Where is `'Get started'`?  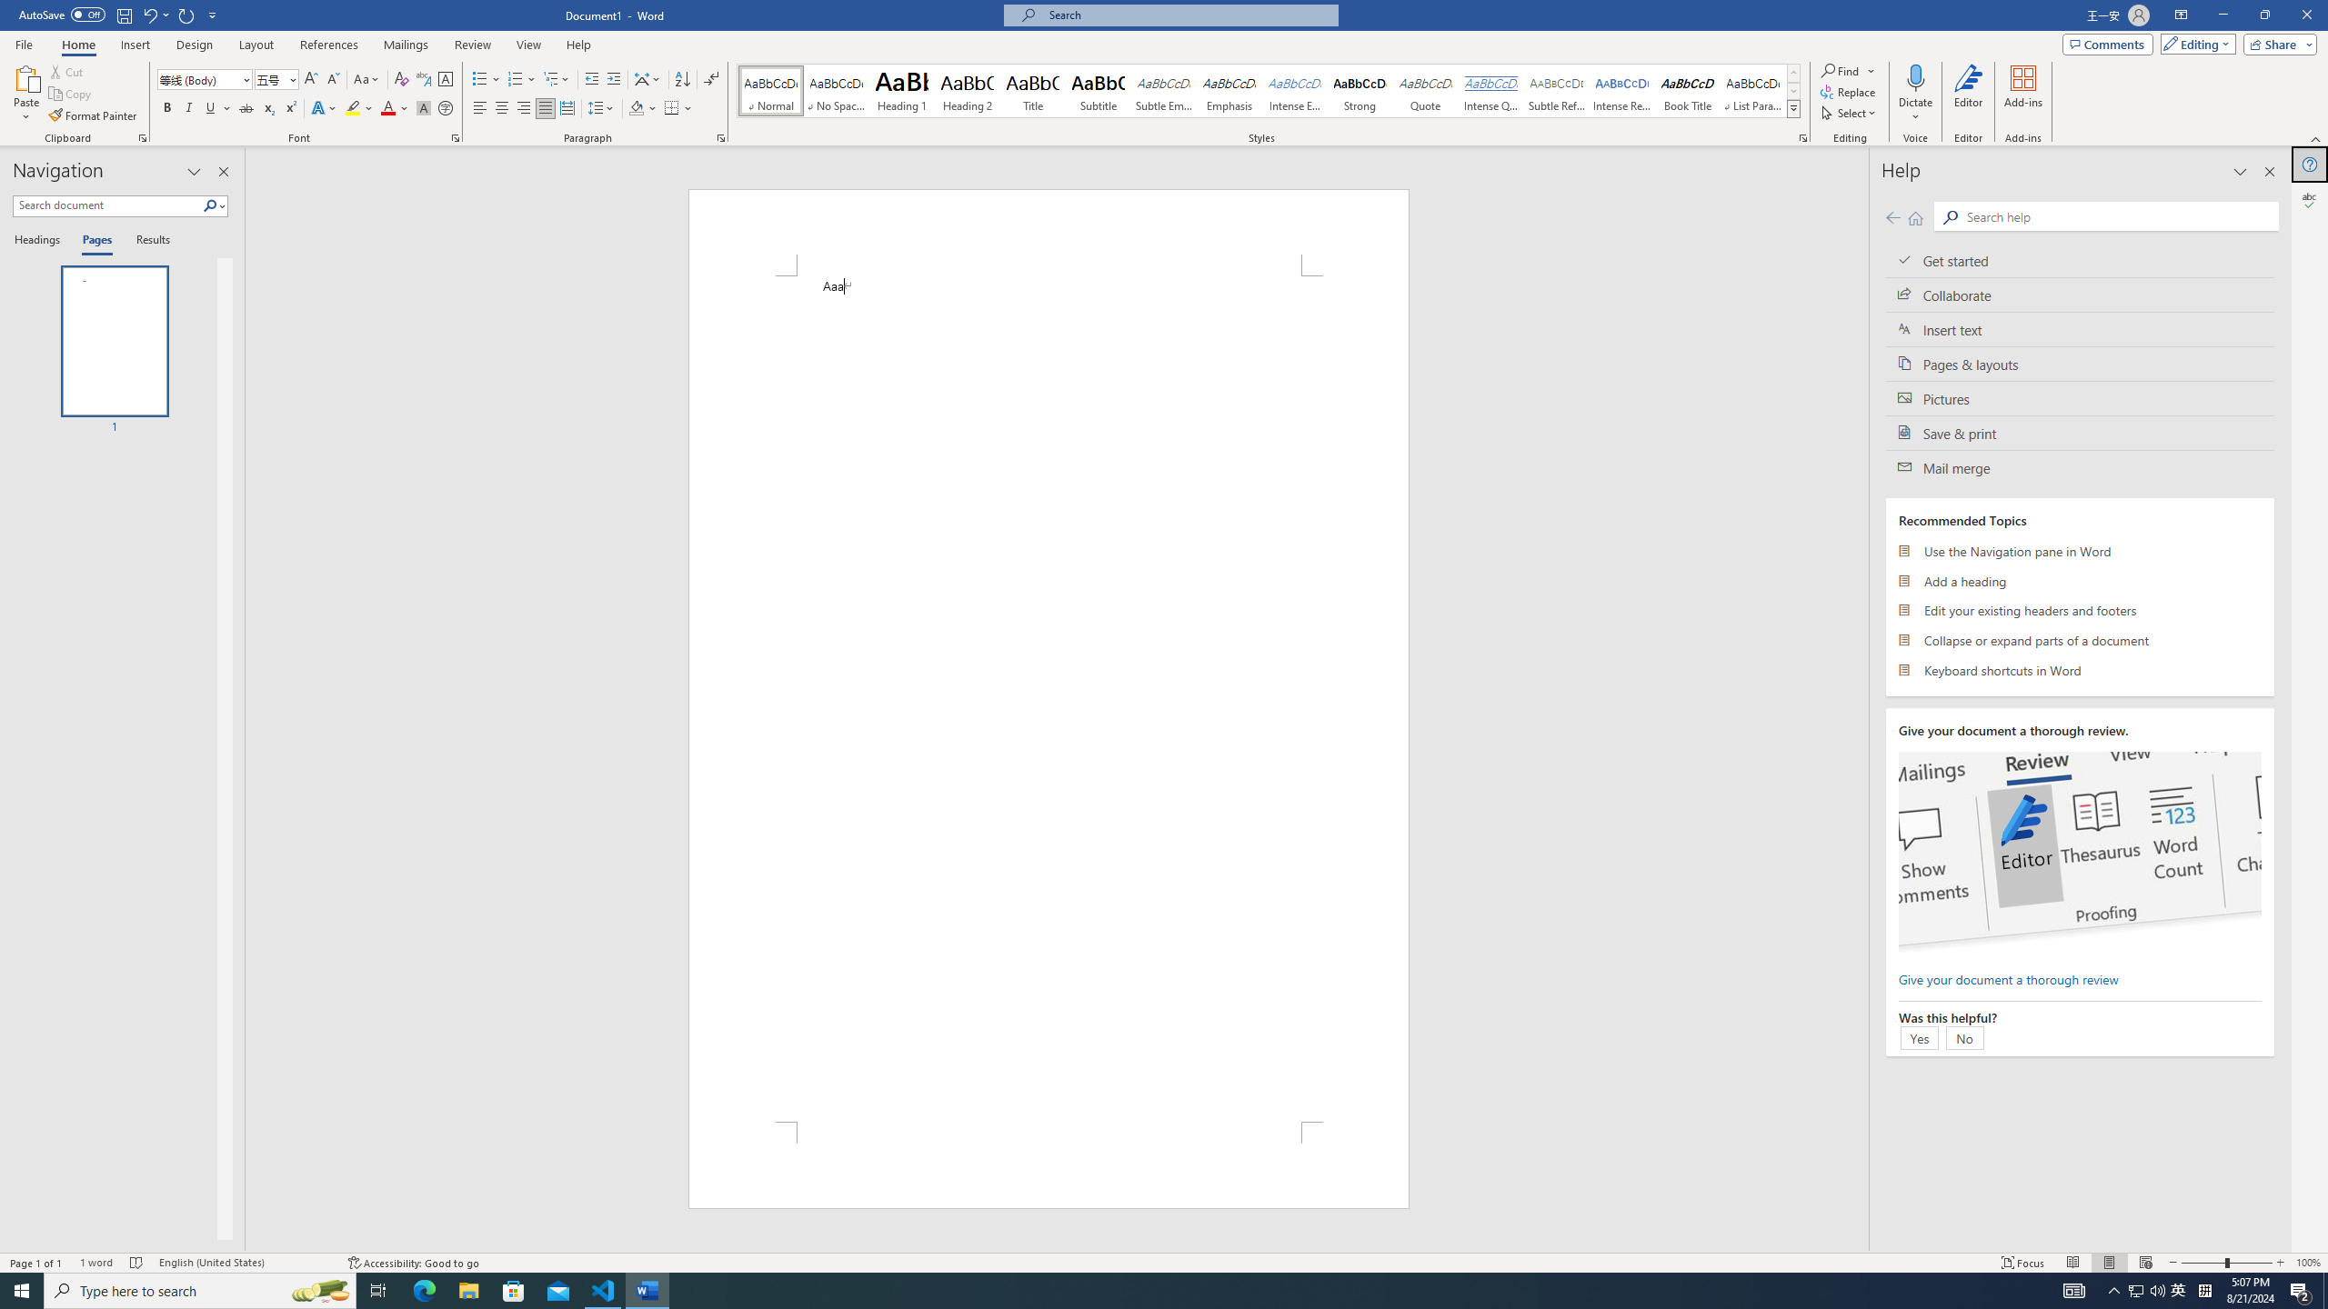
'Get started' is located at coordinates (2079, 260).